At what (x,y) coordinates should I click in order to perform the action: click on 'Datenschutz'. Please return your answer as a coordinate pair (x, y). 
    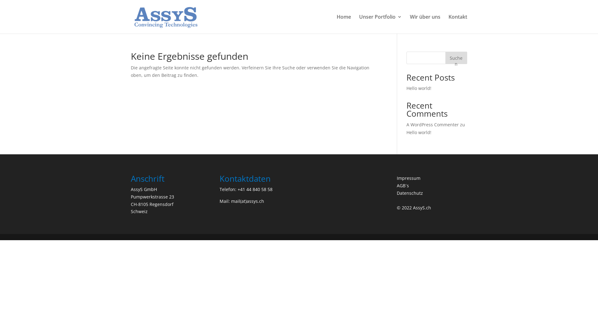
    Looking at the image, I should click on (410, 193).